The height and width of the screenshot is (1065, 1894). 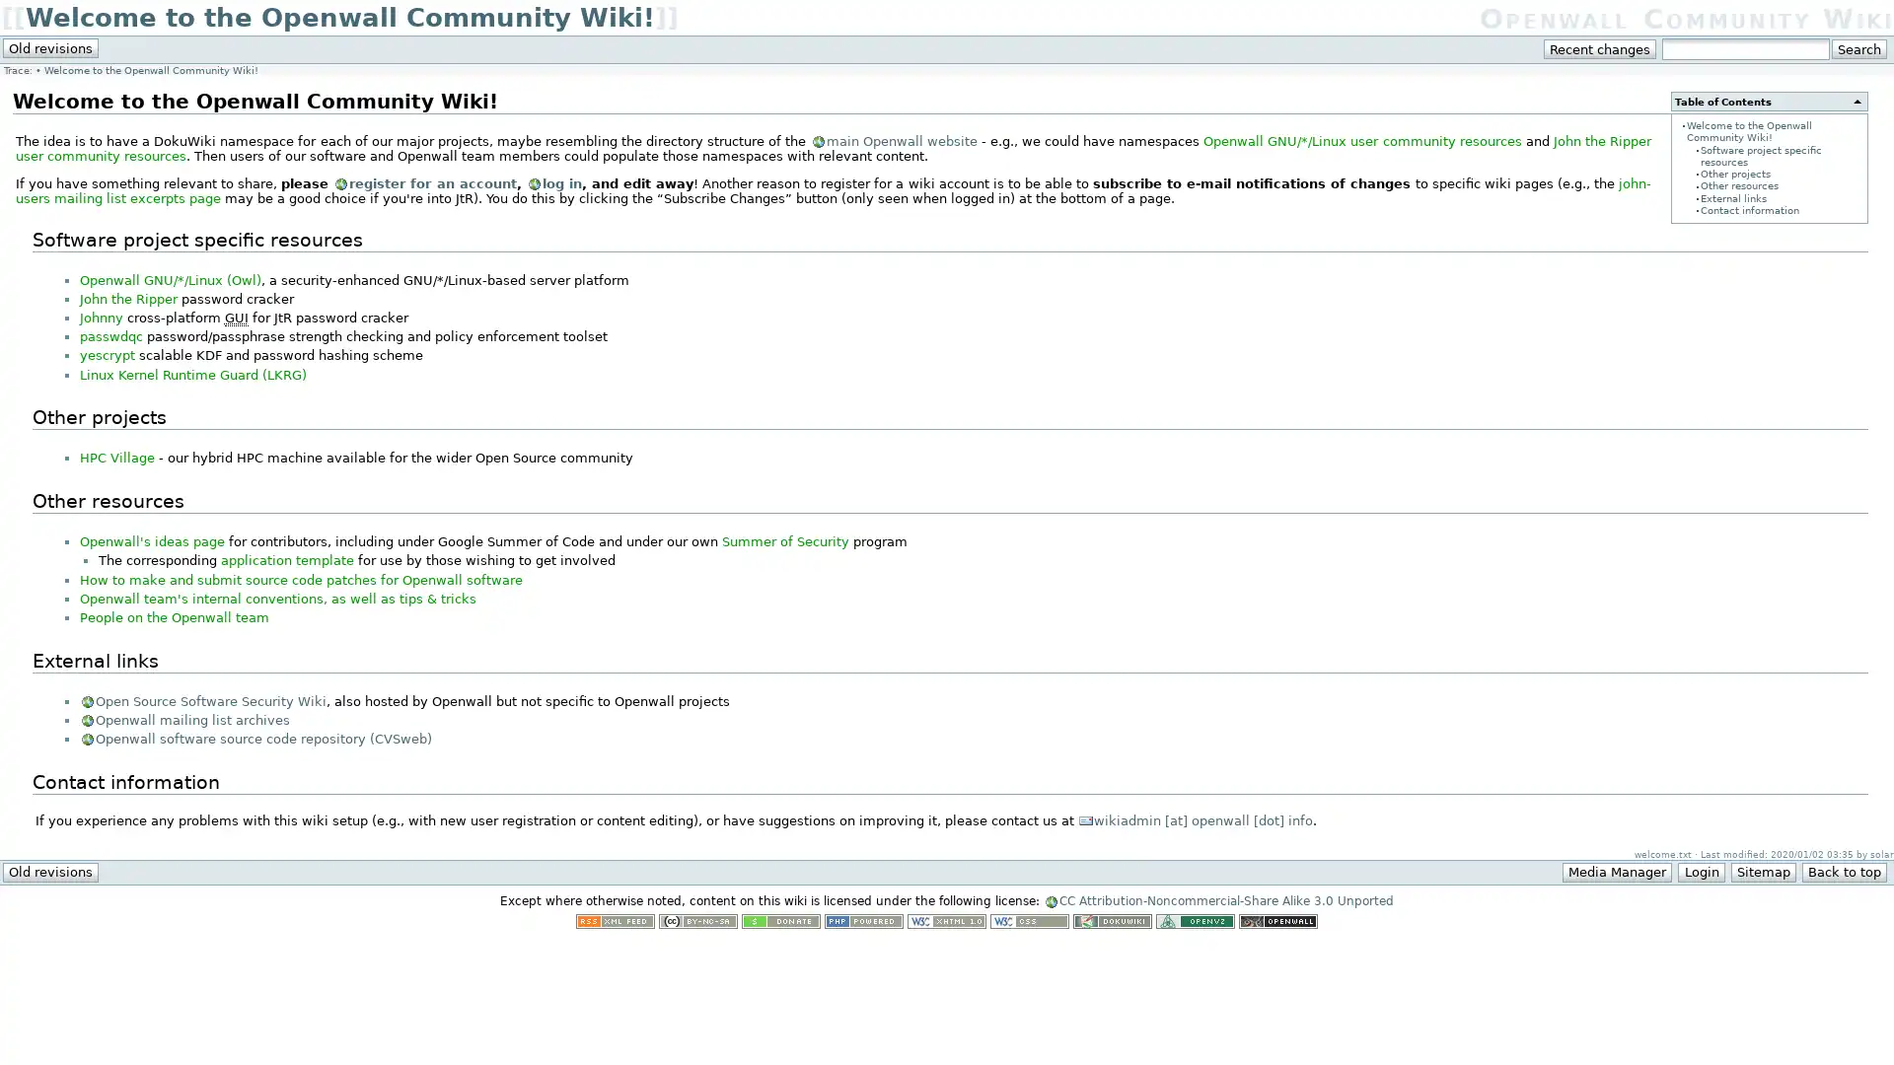 What do you see at coordinates (50, 871) in the screenshot?
I see `Old revisions` at bounding box center [50, 871].